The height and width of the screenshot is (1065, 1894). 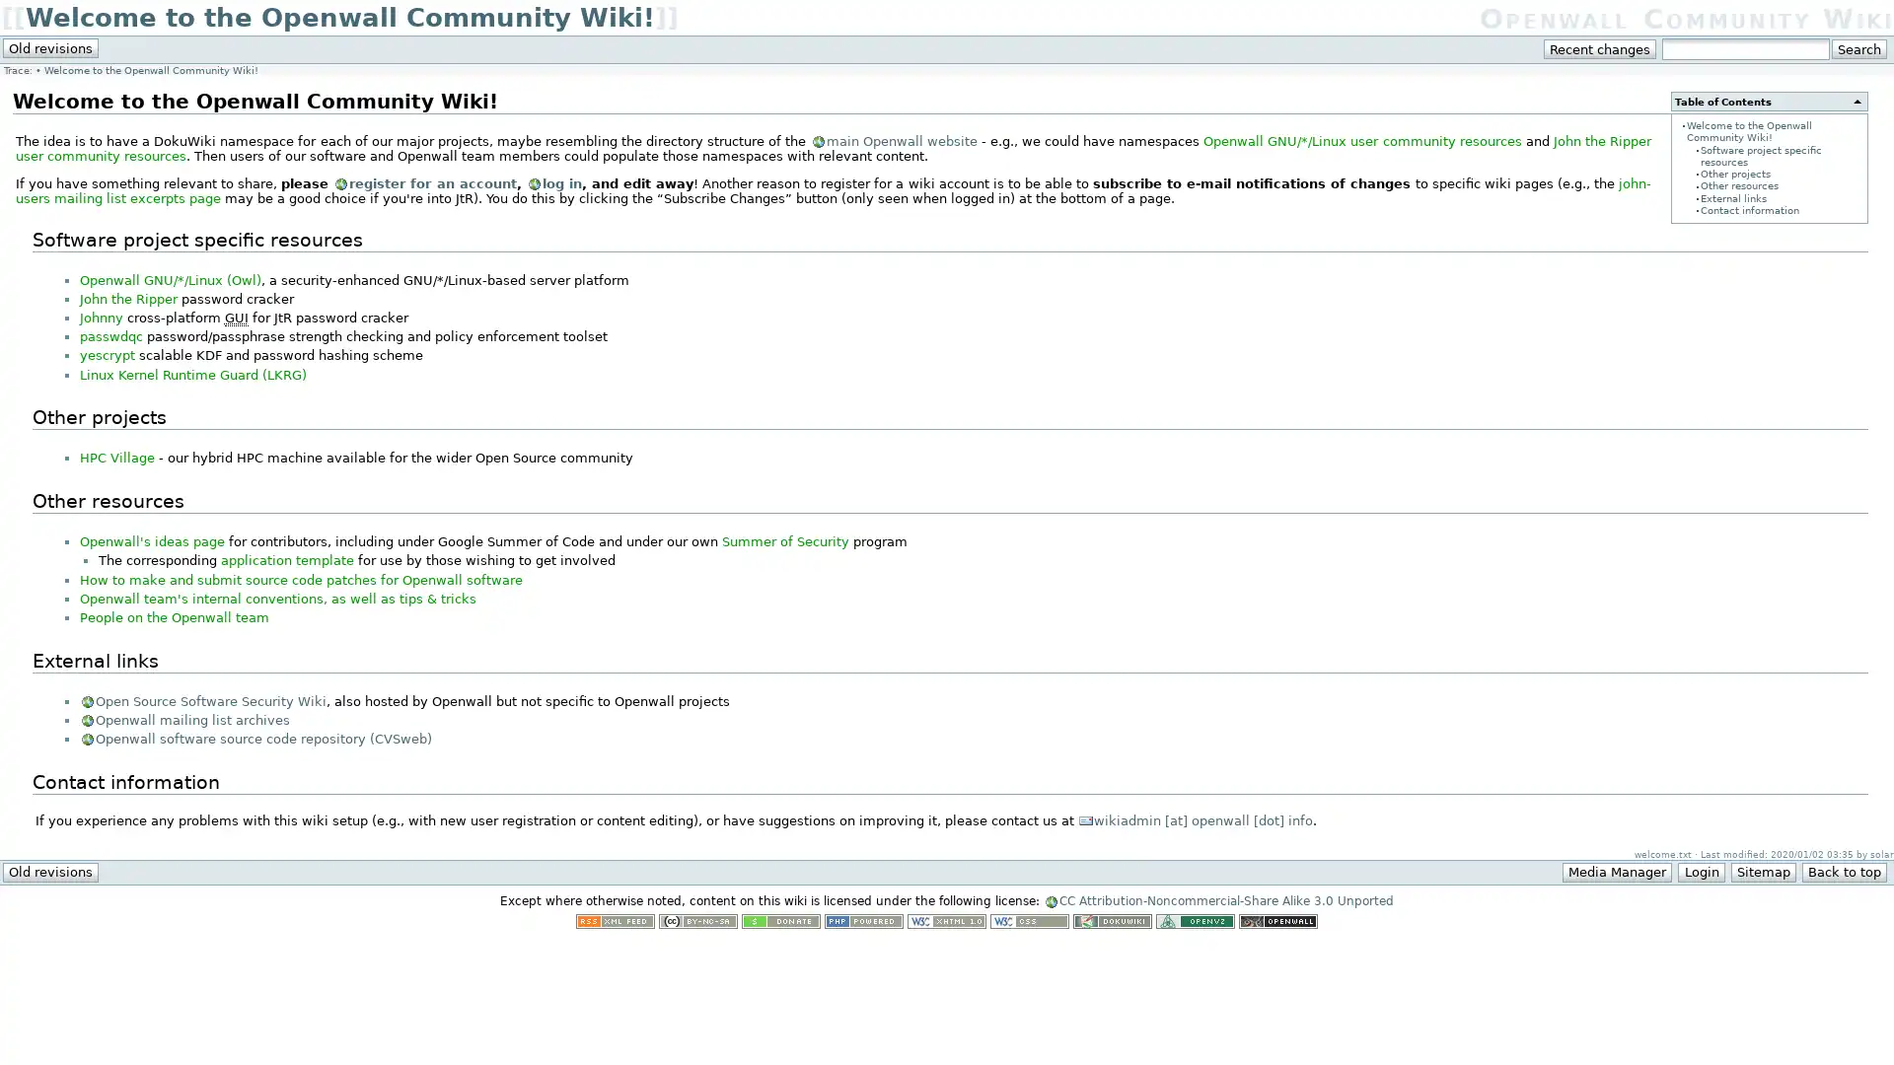 What do you see at coordinates (50, 871) in the screenshot?
I see `Old revisions` at bounding box center [50, 871].